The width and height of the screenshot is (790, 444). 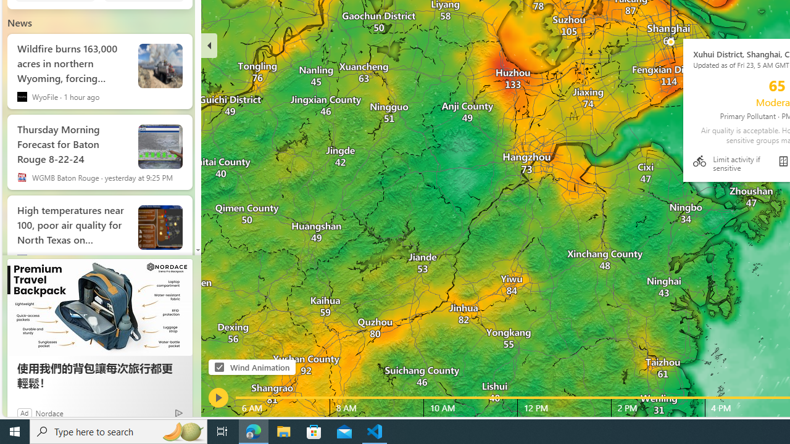 I want to click on 'Thursday Morning Forecast for Baton Rouge 8-22-24', so click(x=72, y=141).